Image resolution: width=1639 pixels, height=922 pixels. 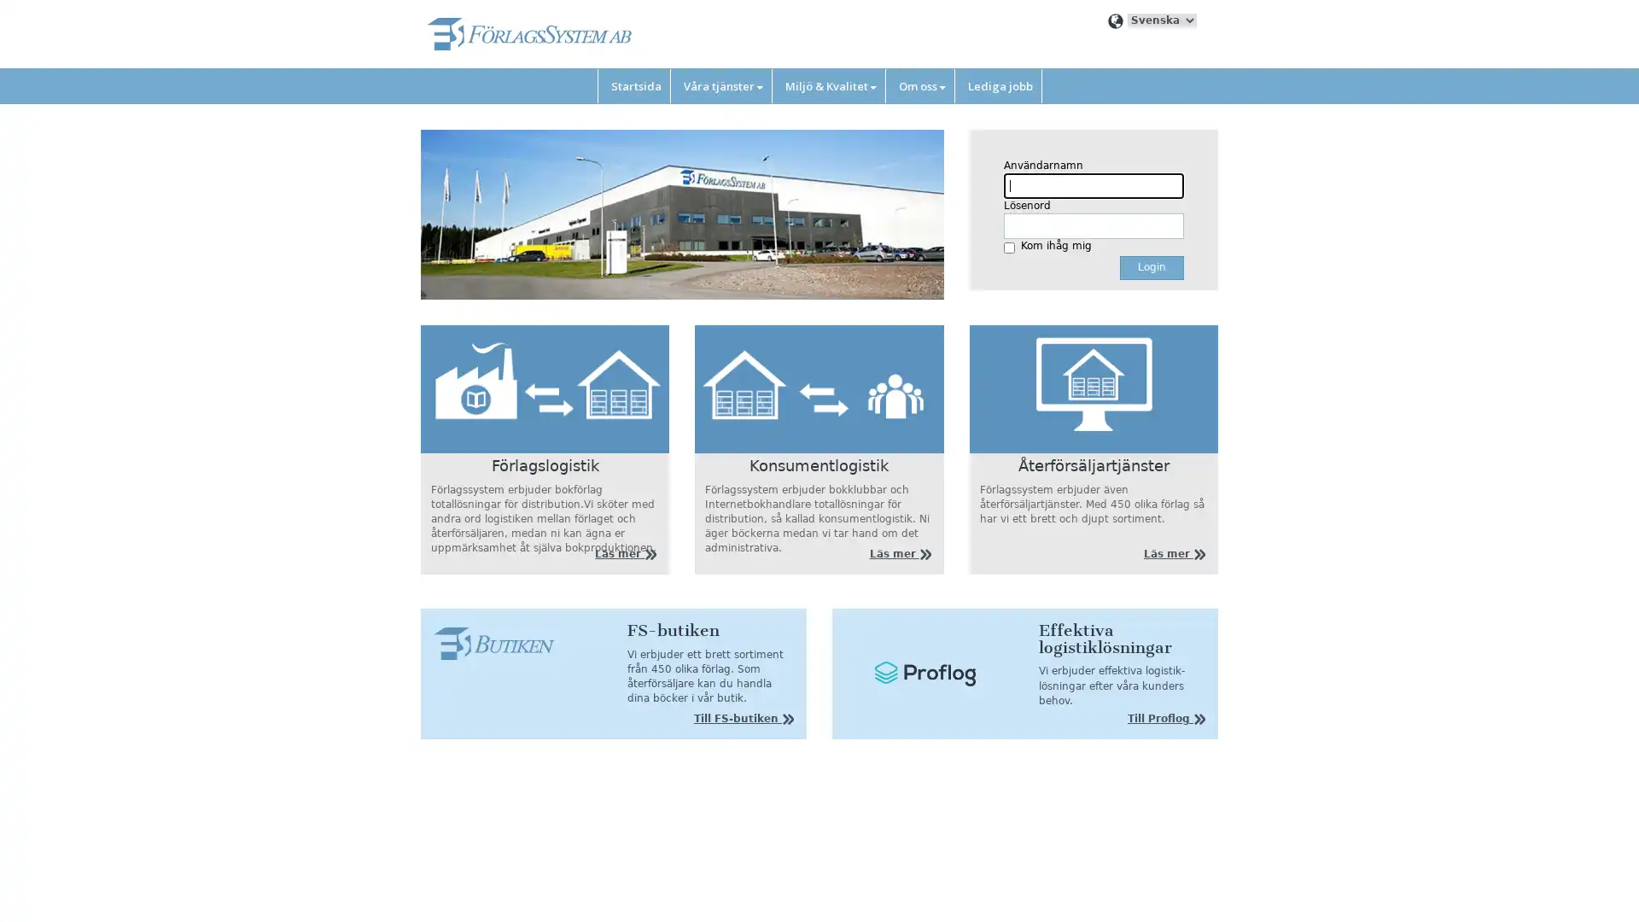 What do you see at coordinates (1151, 266) in the screenshot?
I see `Login` at bounding box center [1151, 266].